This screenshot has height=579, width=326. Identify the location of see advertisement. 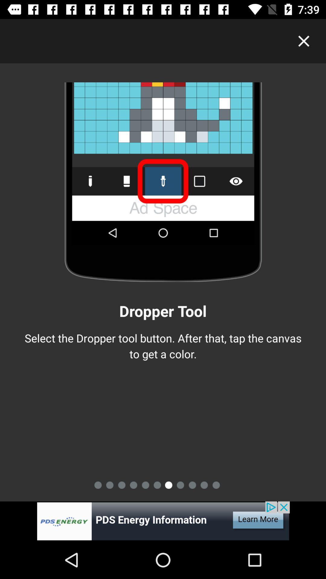
(163, 521).